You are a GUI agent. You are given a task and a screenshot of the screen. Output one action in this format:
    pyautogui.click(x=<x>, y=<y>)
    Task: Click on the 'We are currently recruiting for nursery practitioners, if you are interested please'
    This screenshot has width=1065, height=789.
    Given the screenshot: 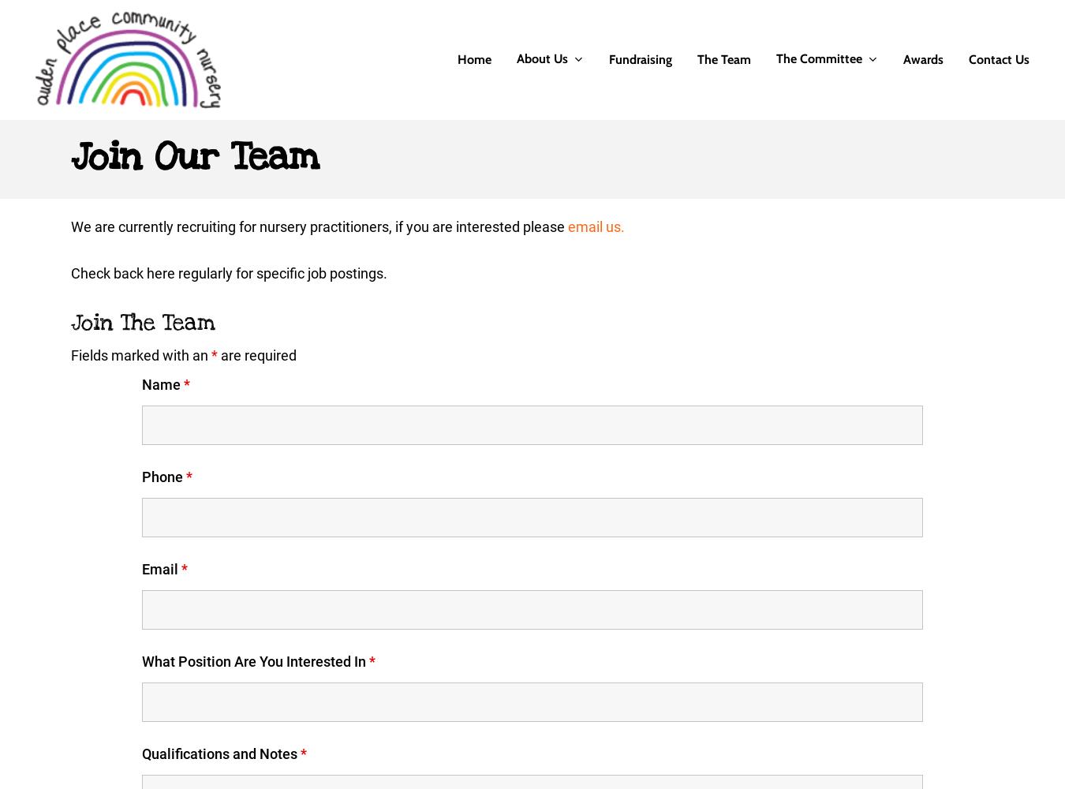 What is the action you would take?
    pyautogui.click(x=319, y=226)
    